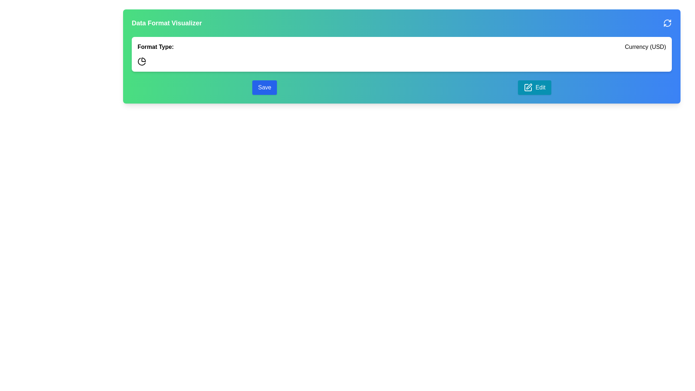 This screenshot has width=695, height=391. Describe the element at coordinates (264, 87) in the screenshot. I see `the 'Save' button, which has a blue background and white text` at that location.